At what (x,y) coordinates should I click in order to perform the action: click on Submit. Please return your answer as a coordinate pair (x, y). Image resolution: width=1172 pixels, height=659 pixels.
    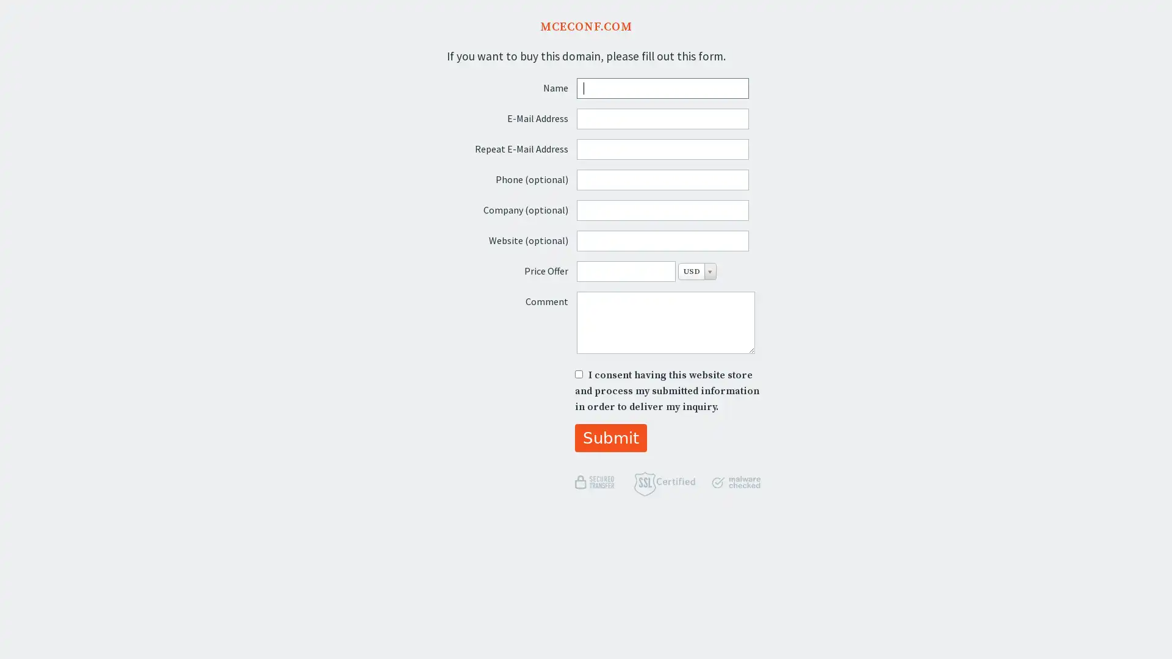
    Looking at the image, I should click on (610, 437).